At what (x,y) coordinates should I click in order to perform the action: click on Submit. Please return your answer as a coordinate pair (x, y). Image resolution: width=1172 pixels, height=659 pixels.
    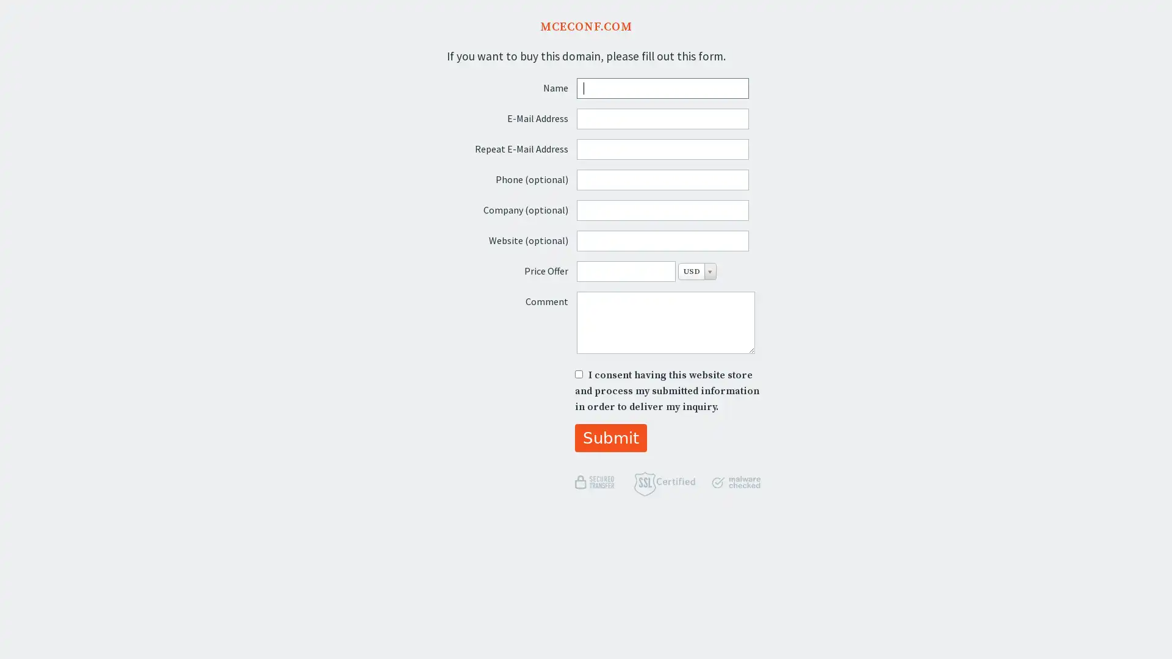
    Looking at the image, I should click on (610, 437).